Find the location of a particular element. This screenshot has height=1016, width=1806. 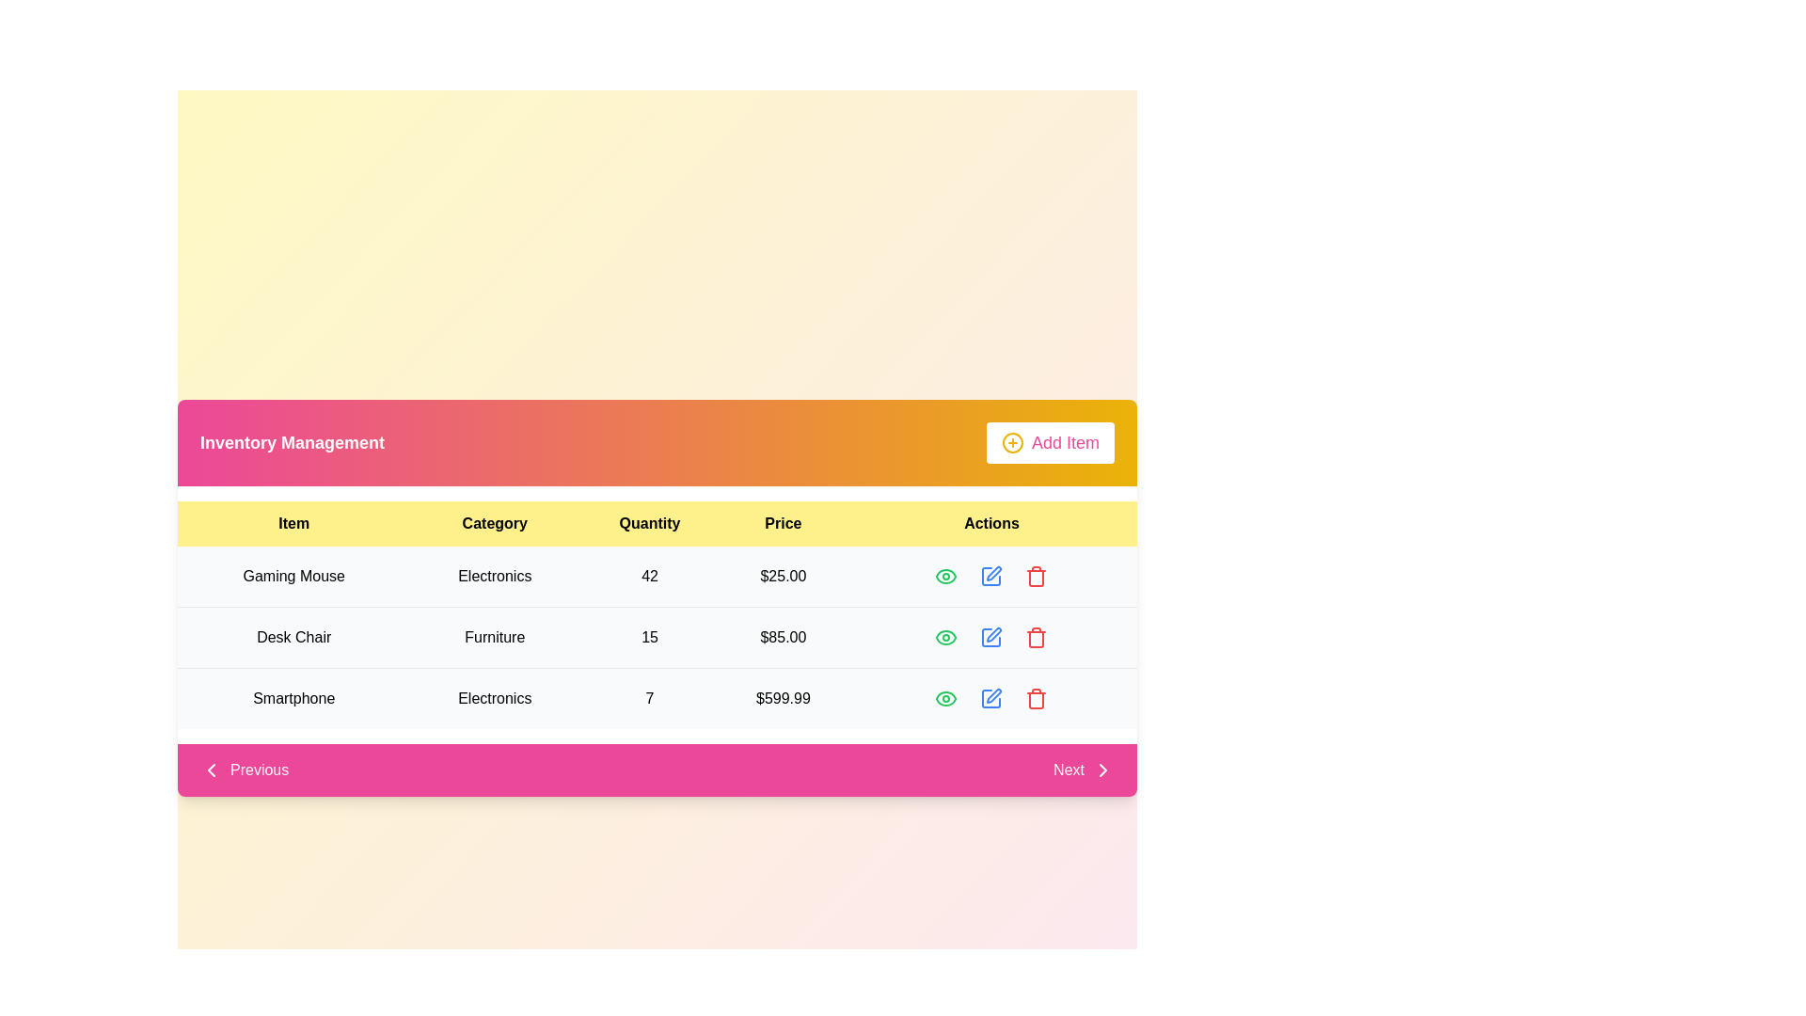

header text of the Table Header Row, which is visually characterized by a yellow background and contains the titles: 'Item', 'Category', 'Quantity', 'Price', and 'Actions' is located at coordinates (657, 523).